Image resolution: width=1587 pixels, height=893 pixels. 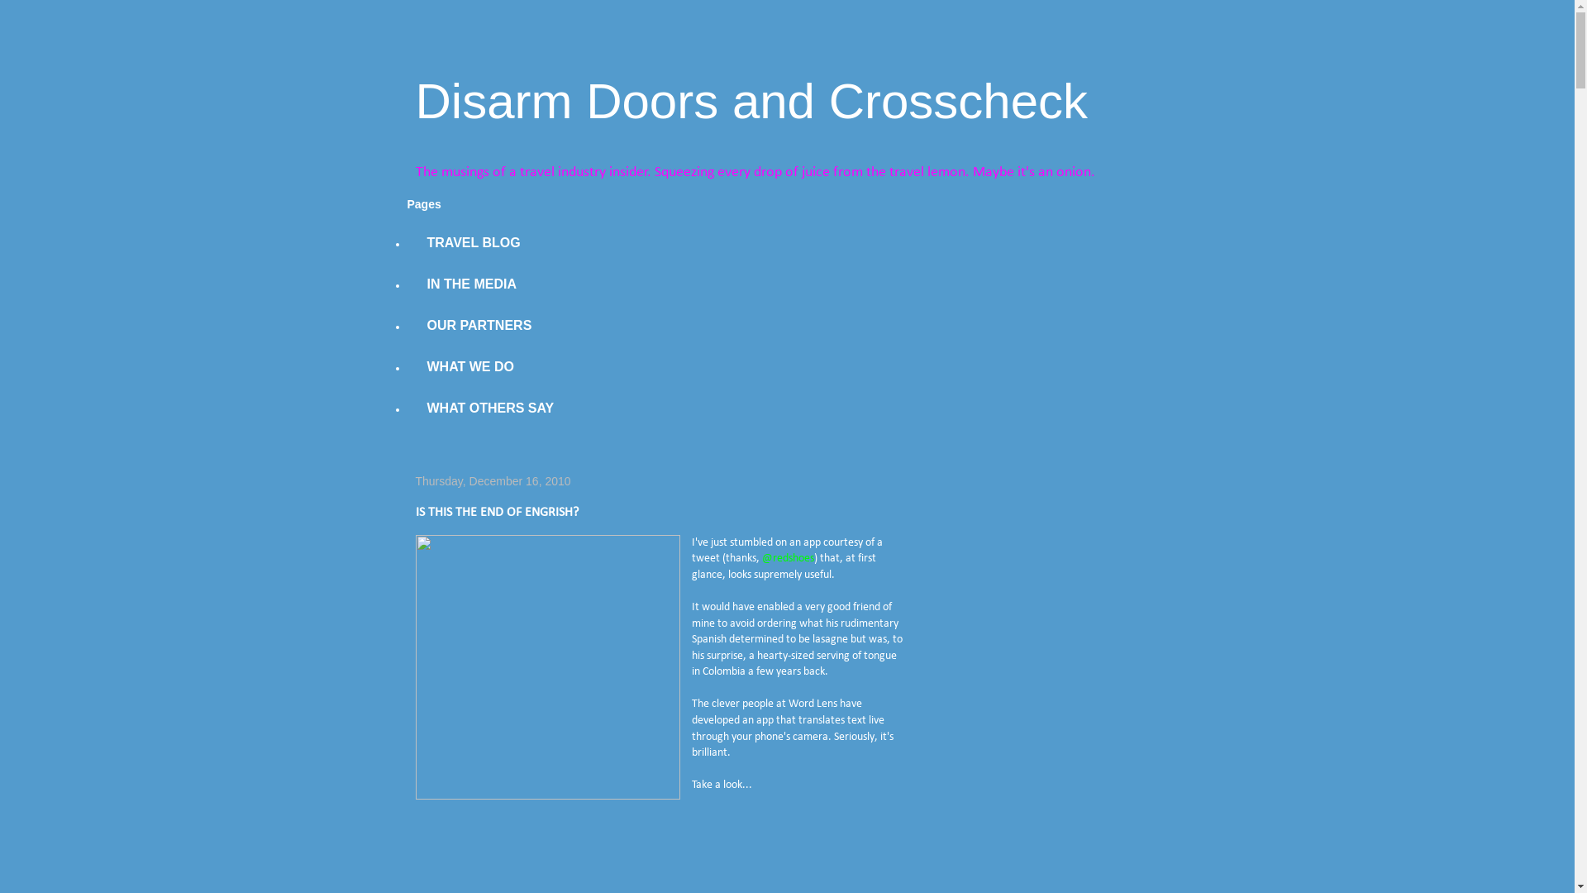 I want to click on 'Disarm Doors and Crosscheck', so click(x=750, y=101).